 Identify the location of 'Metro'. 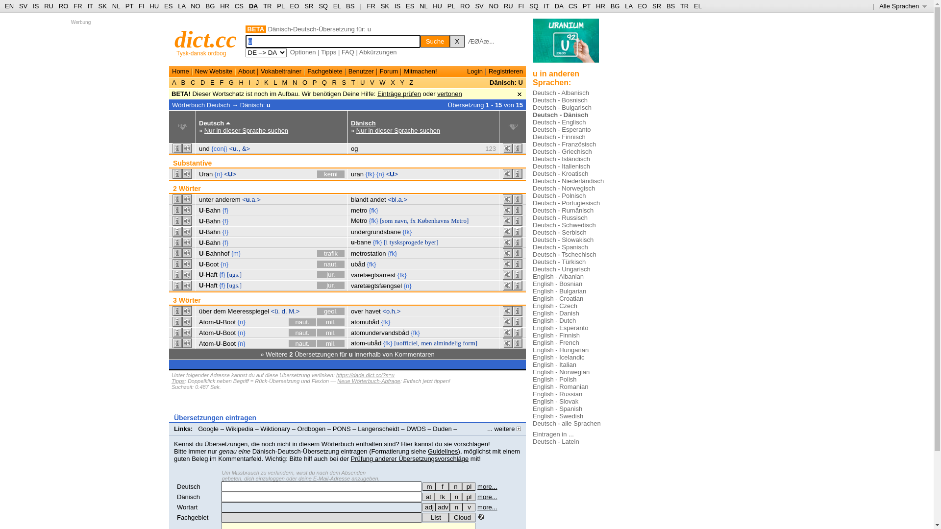
(358, 220).